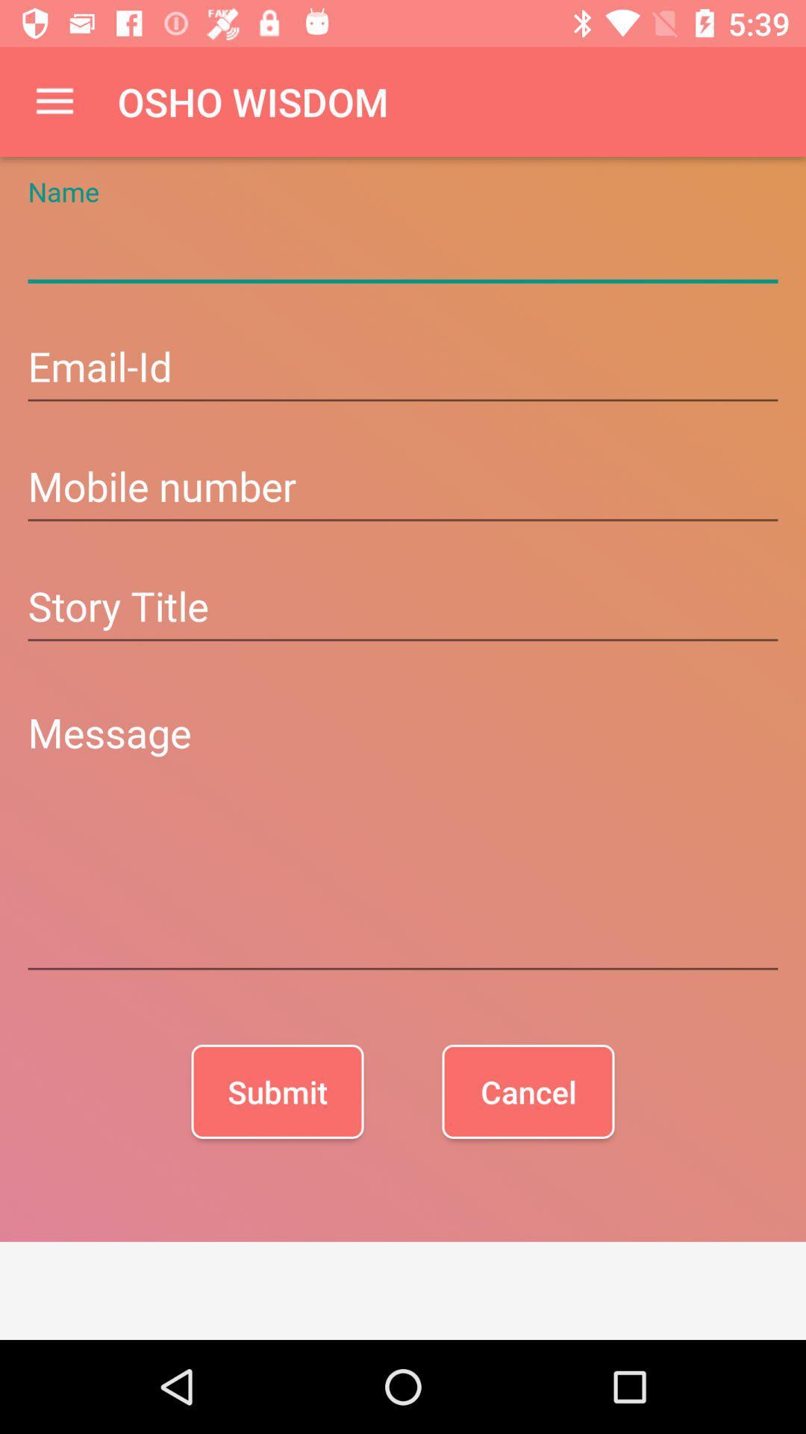 The width and height of the screenshot is (806, 1434). I want to click on space to enter the email id, so click(403, 369).